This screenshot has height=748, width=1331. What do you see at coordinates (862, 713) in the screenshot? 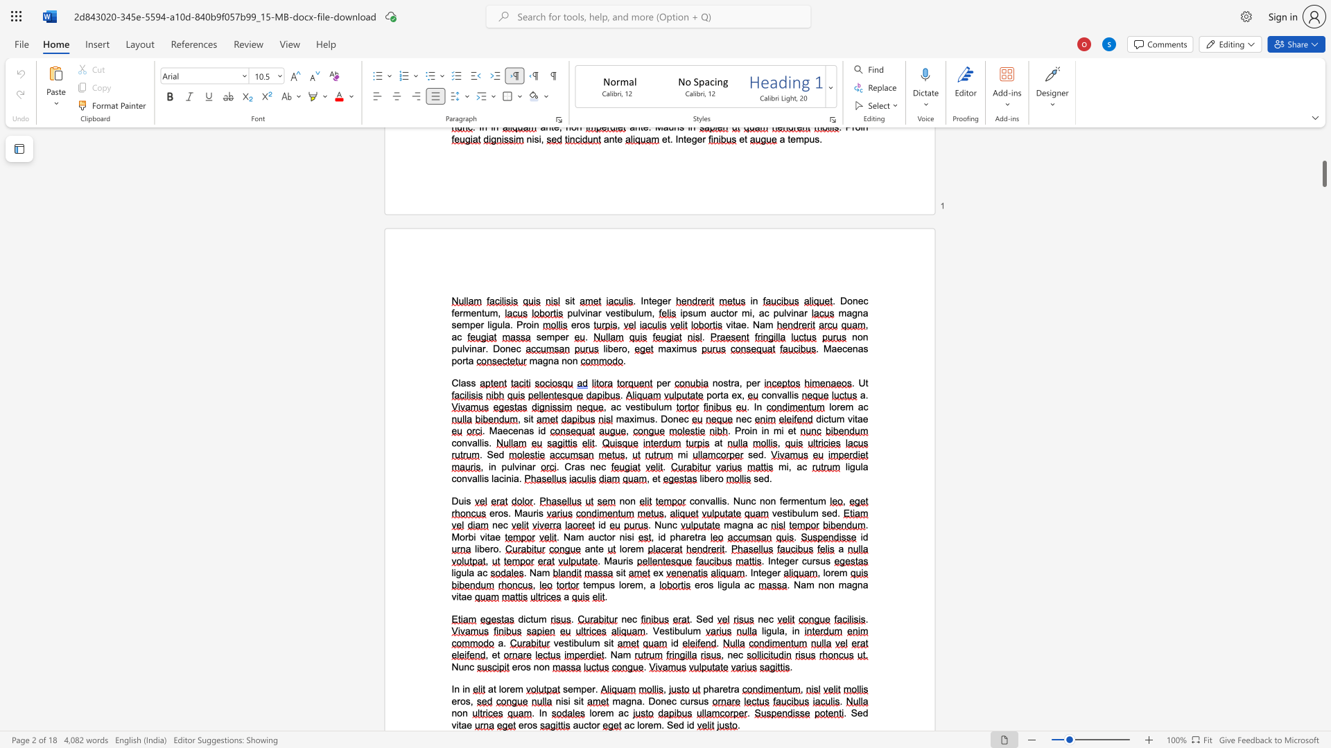
I see `the space between the continuous character "e" and "d" in the text` at bounding box center [862, 713].